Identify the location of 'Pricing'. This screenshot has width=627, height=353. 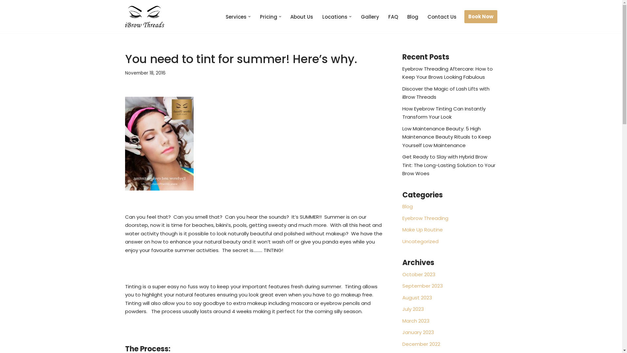
(268, 16).